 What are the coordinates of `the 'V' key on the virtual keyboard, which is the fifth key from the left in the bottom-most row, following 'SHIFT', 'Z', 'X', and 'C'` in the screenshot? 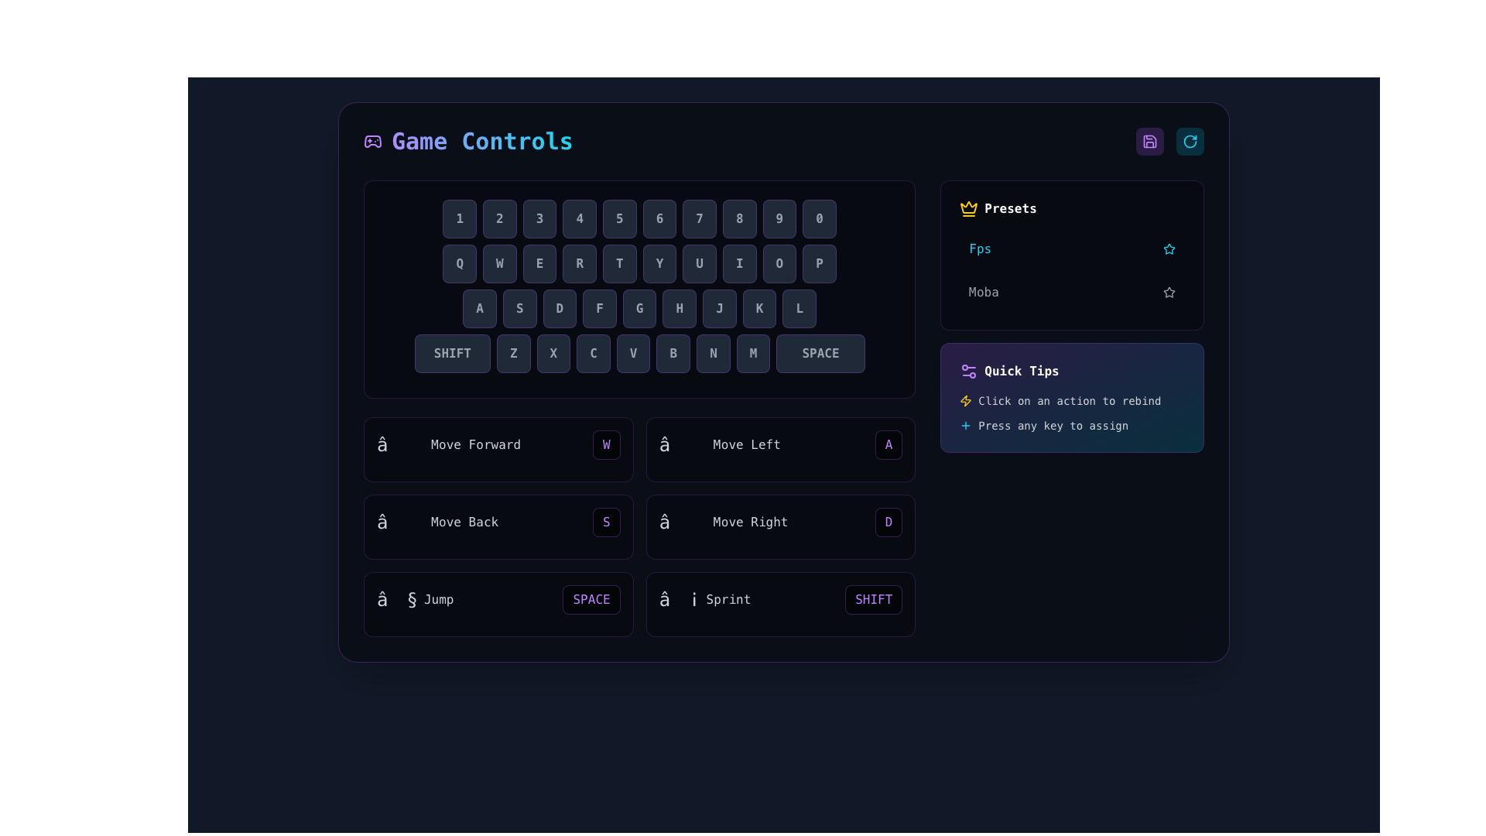 It's located at (639, 353).